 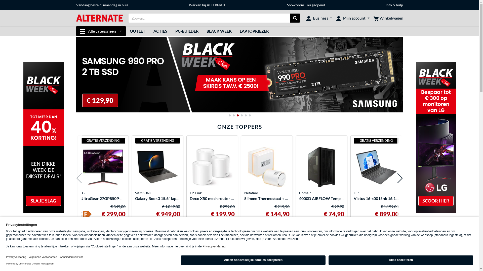 I want to click on 'Vandaag besteld, maandag in huis', so click(x=102, y=5).